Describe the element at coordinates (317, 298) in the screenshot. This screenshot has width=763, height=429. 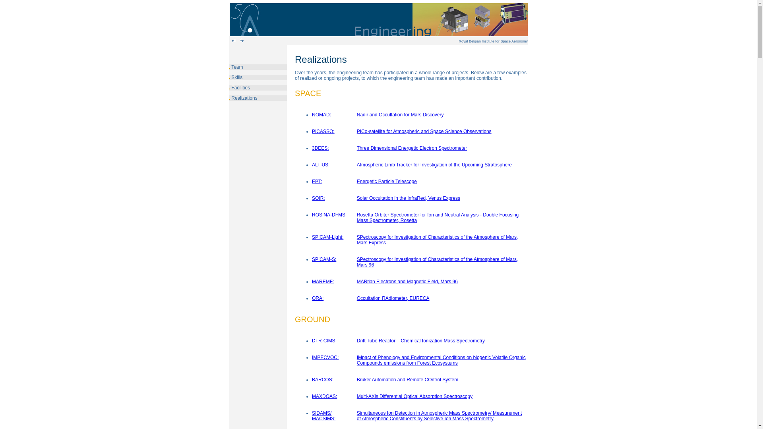
I see `'ORA:'` at that location.